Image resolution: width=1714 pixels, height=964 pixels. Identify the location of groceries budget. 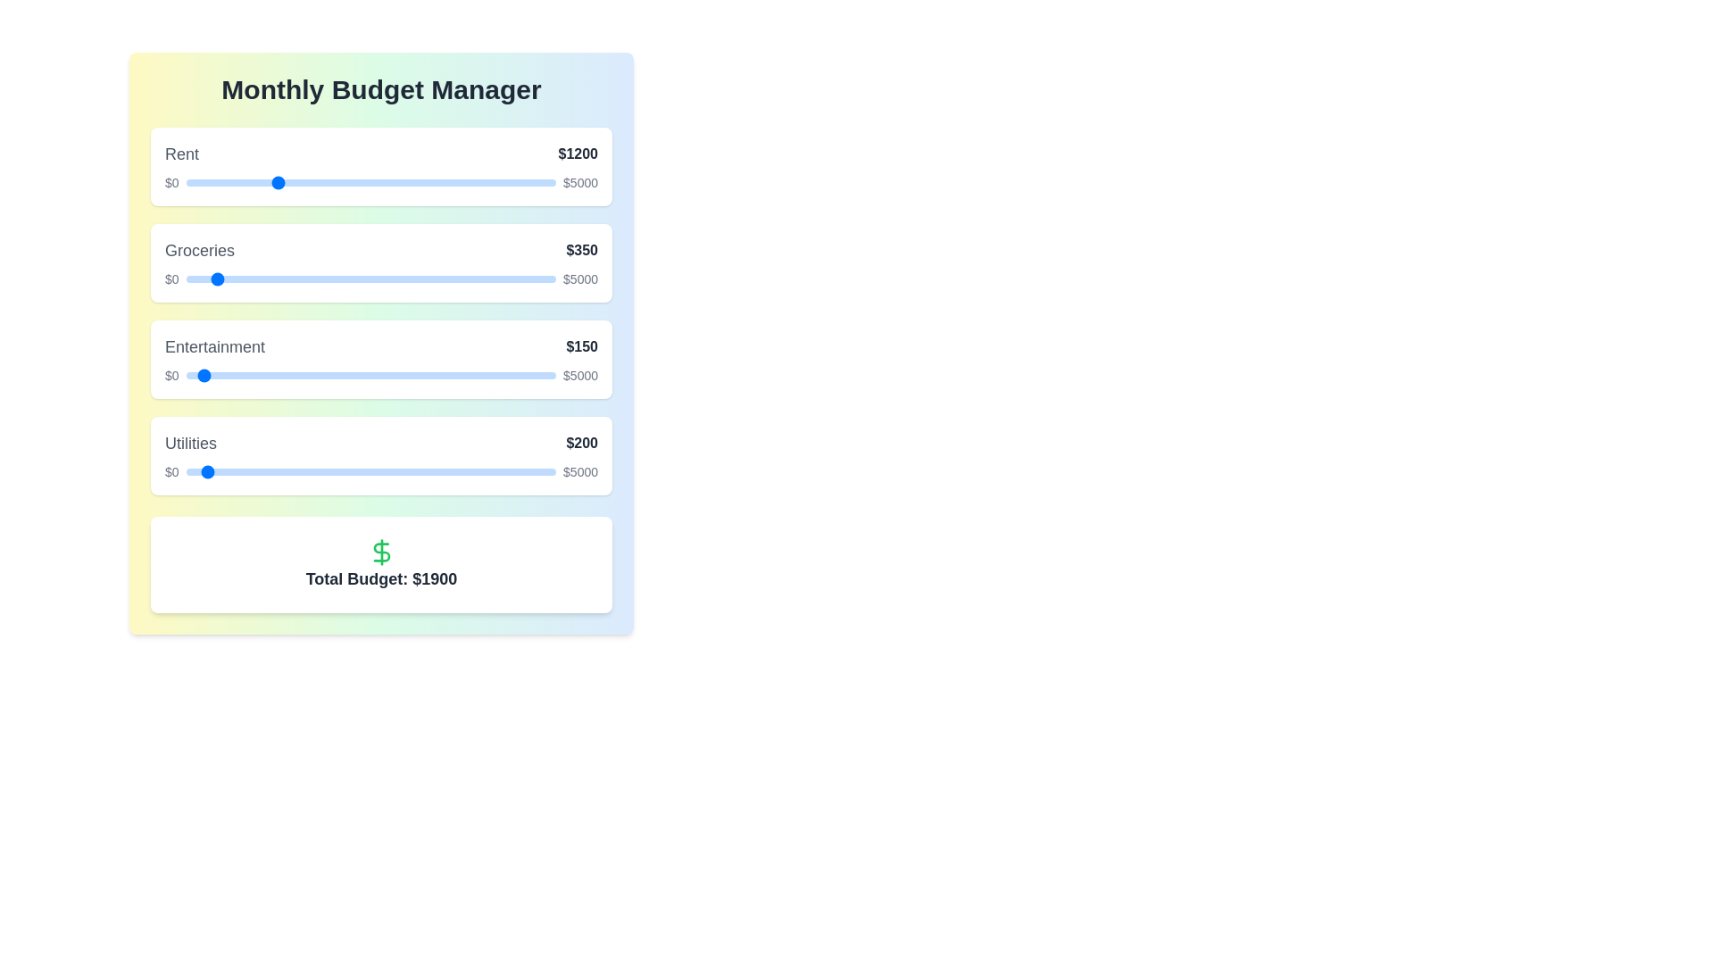
(338, 278).